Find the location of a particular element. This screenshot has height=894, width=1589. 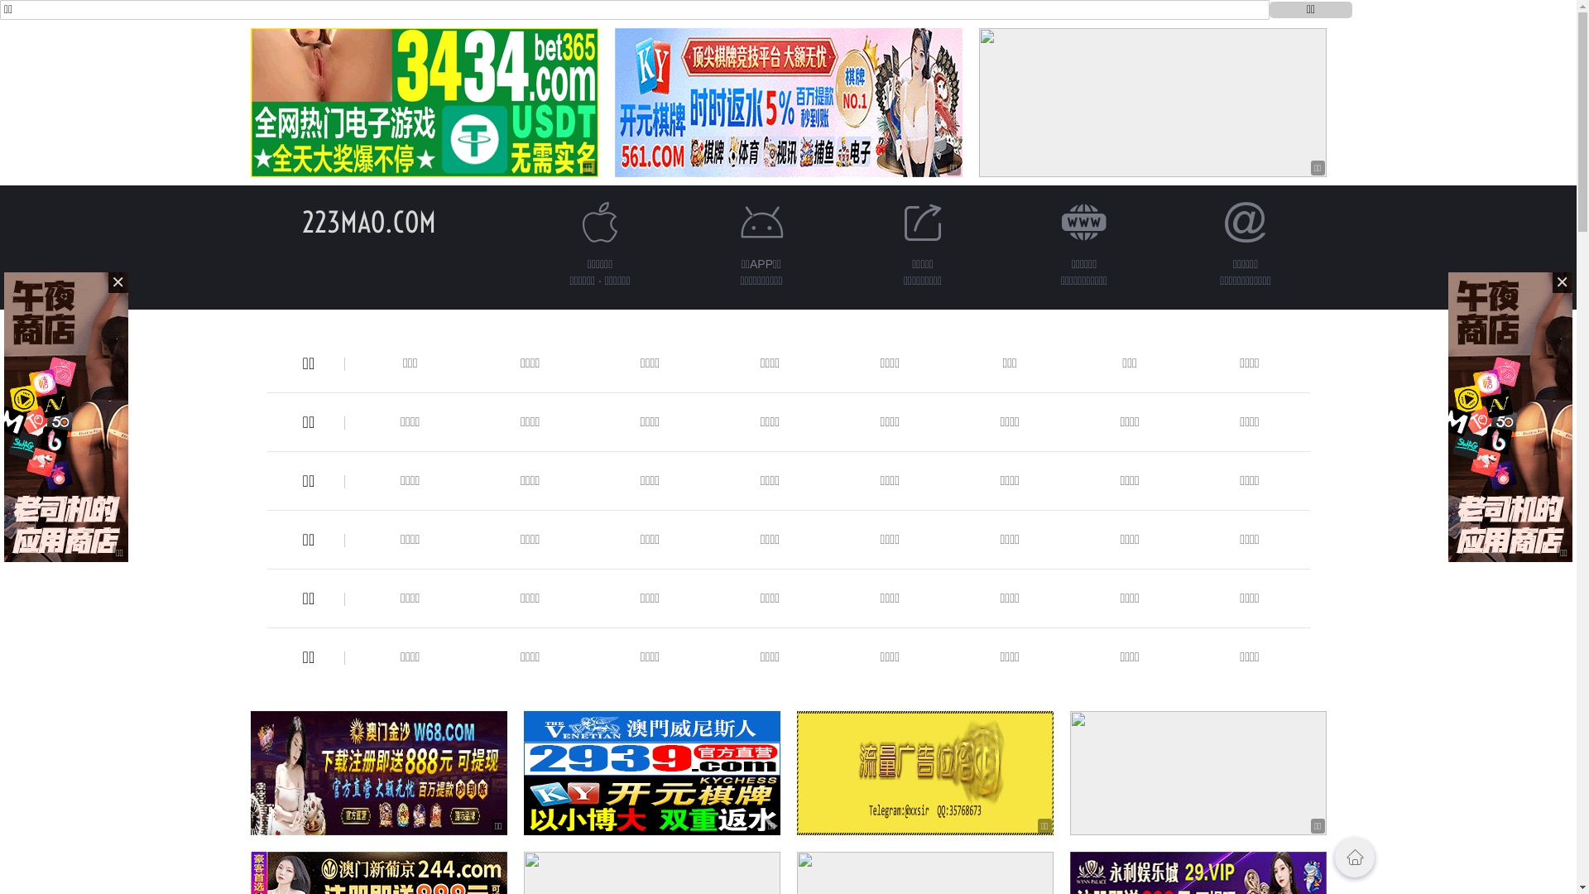

'223MAO.COM' is located at coordinates (367, 221).